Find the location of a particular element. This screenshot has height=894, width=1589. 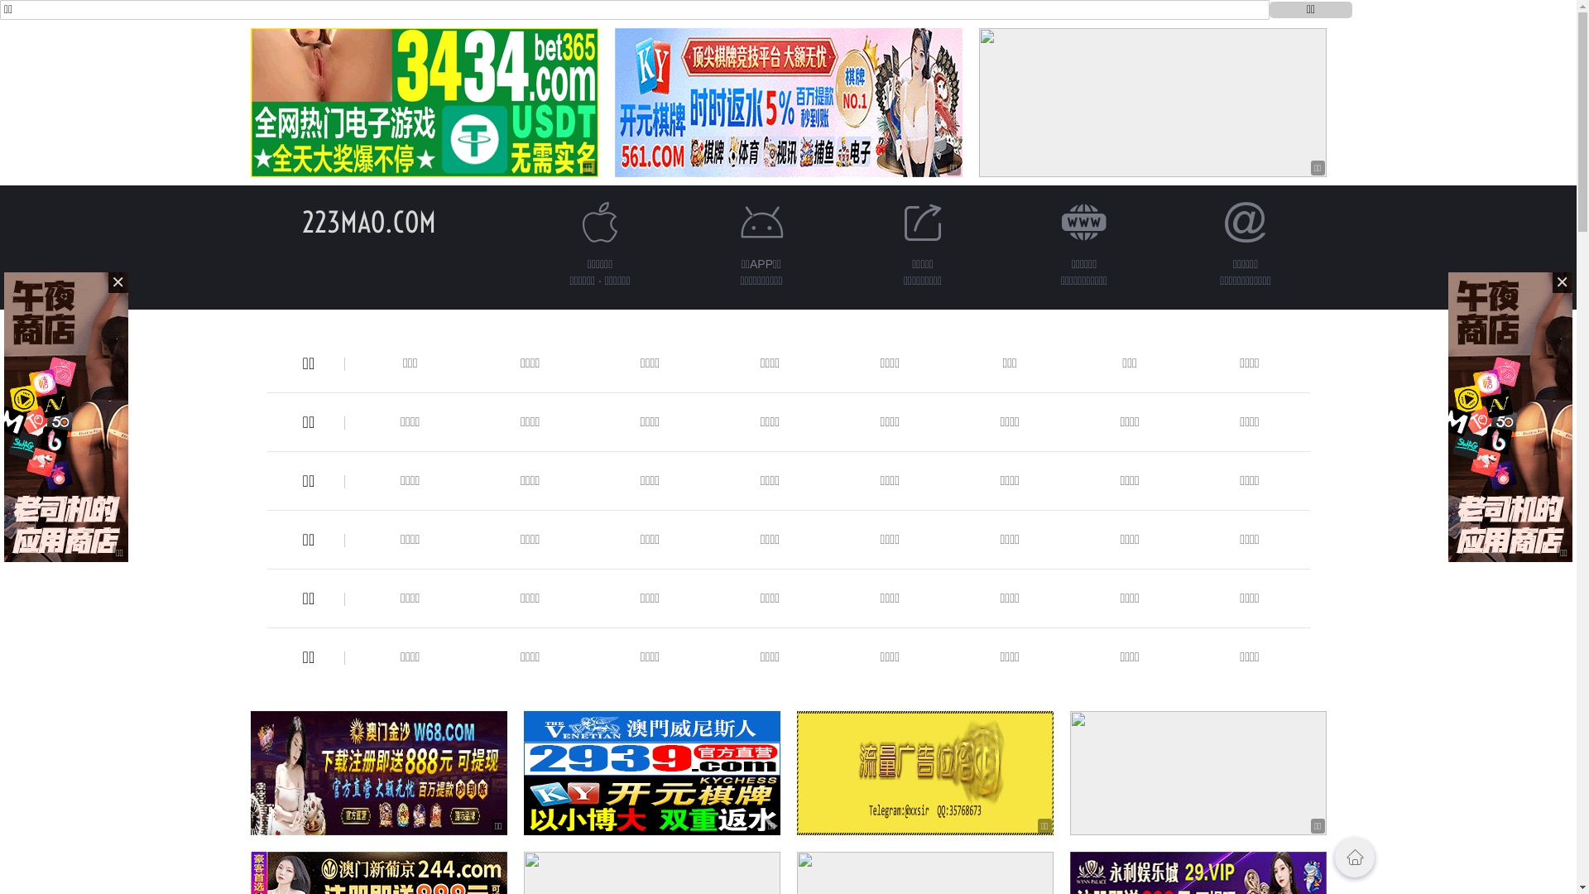

'223MAO.COM' is located at coordinates (367, 221).